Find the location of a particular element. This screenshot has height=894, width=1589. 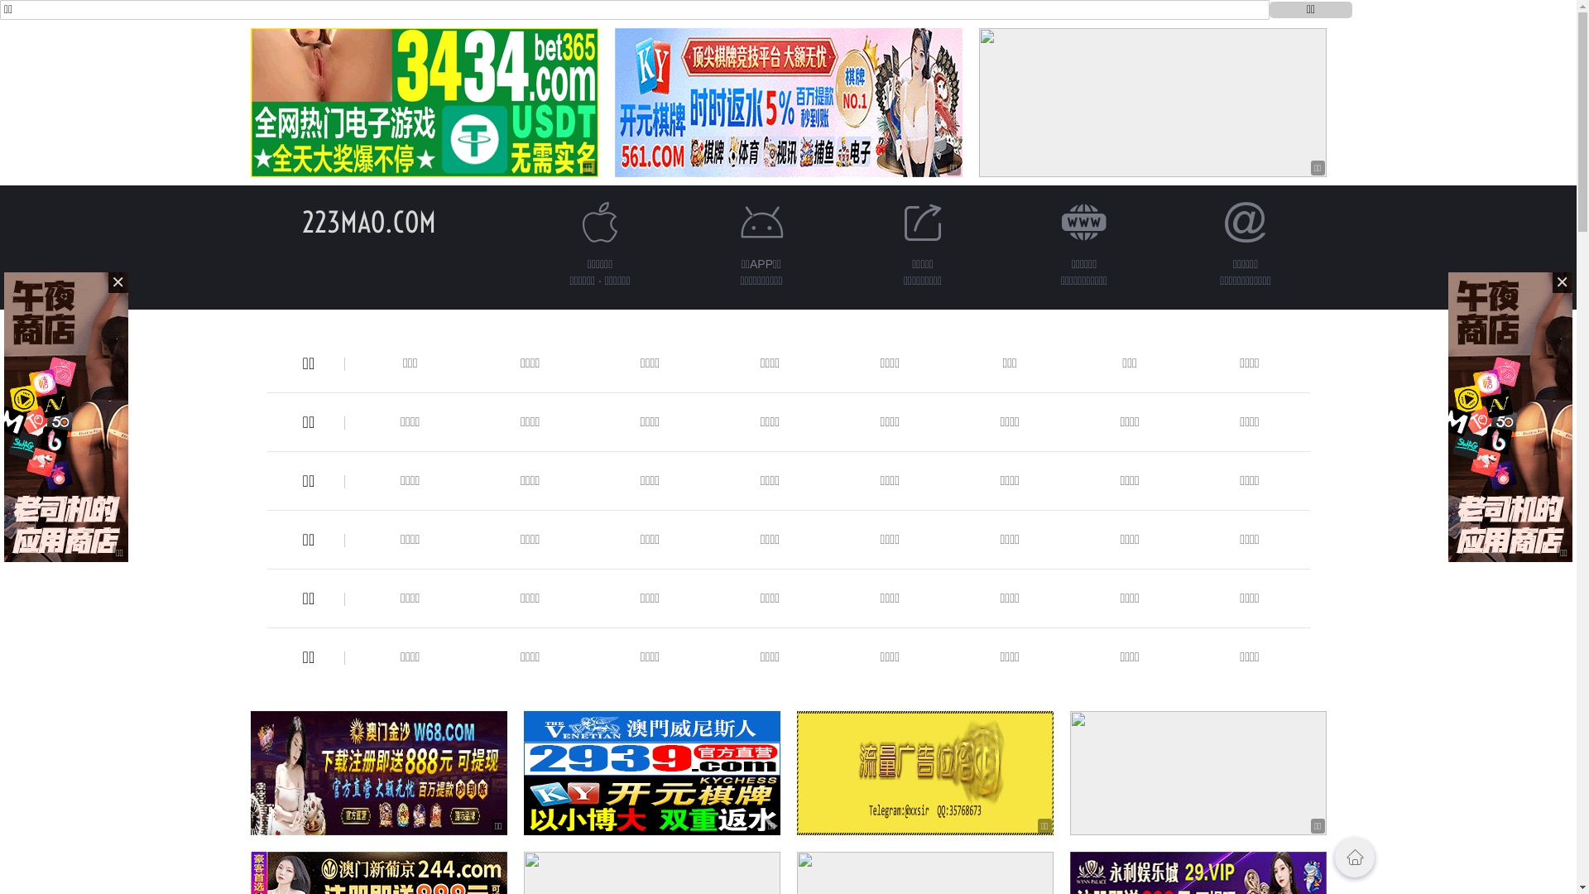

'223MAO.COM' is located at coordinates (367, 221).